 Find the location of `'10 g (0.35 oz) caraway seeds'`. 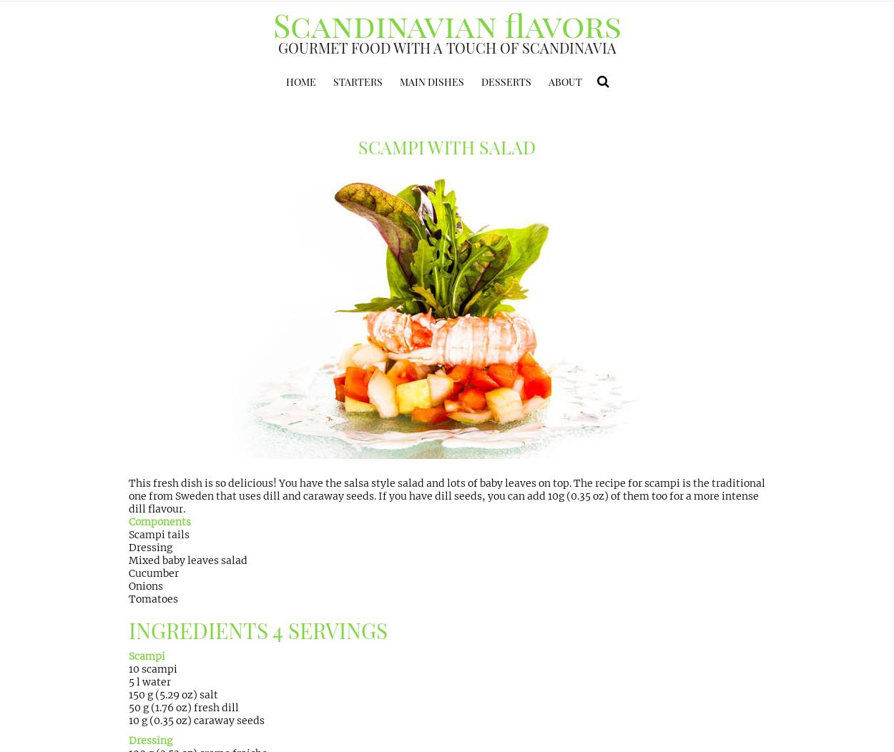

'10 g (0.35 oz) caraway seeds' is located at coordinates (197, 721).